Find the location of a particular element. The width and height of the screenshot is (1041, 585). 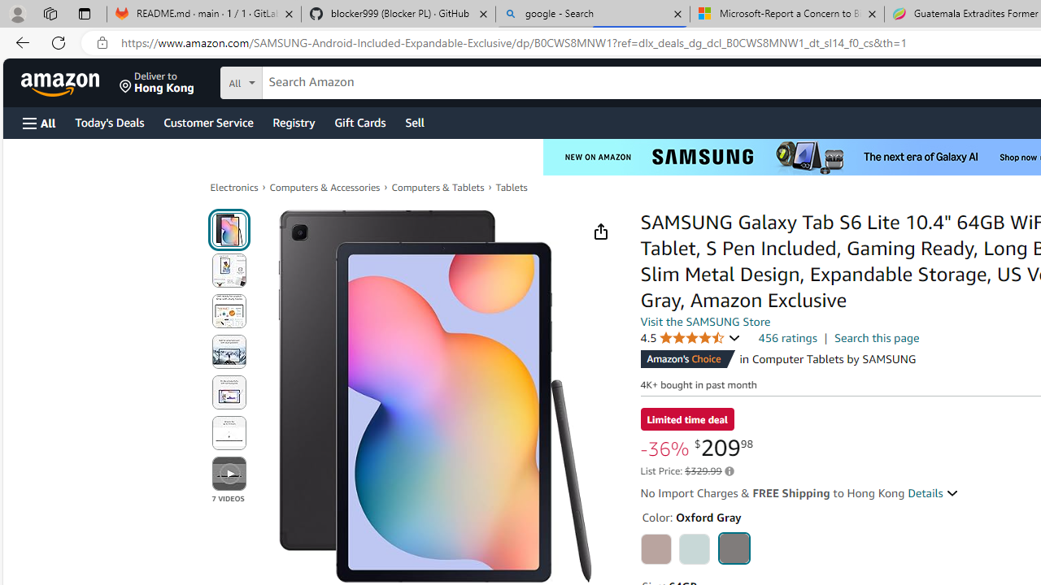

'Computers & Tablets' is located at coordinates (438, 186).